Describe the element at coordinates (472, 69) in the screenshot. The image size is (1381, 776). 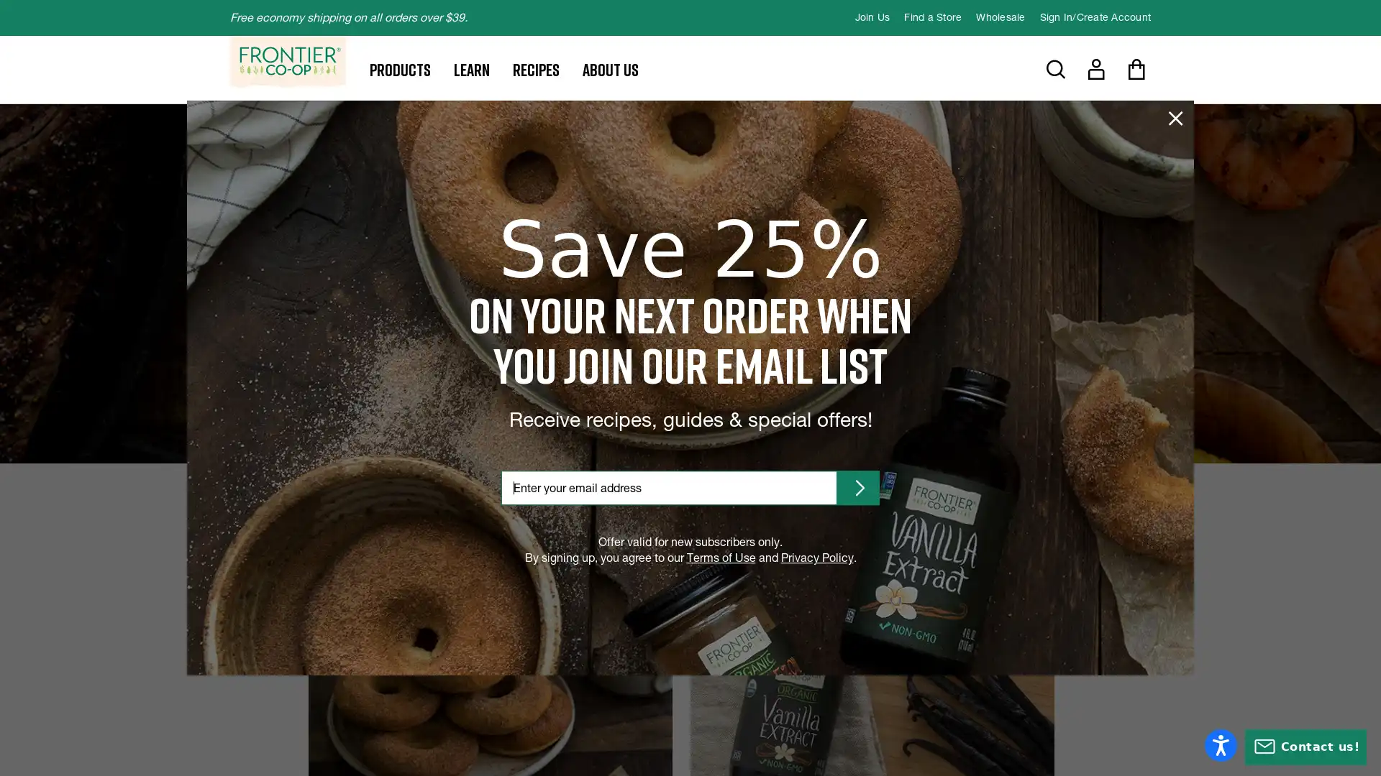
I see `Learn` at that location.